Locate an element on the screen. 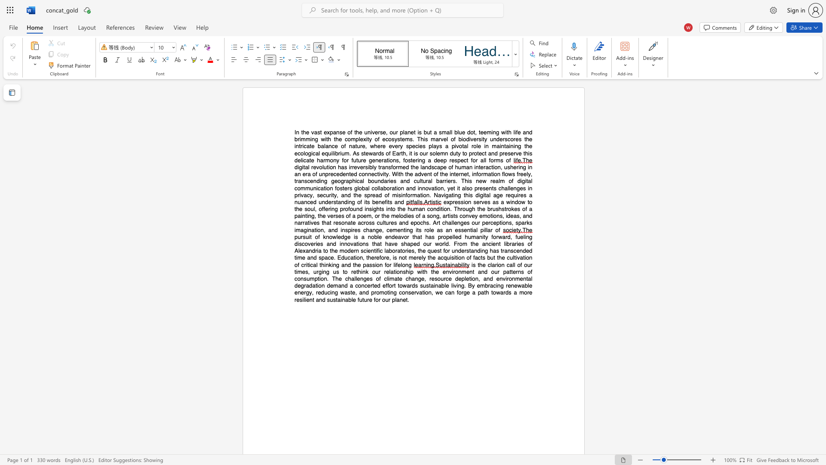 The height and width of the screenshot is (465, 826). the subset text "knowledge is a noble endeavor that has propelled humanity forward, fueling" within the text "pursuit of knowledge is a noble endeavor that has propelled humanity forward, fueling discoveries and innovations that have shaped our world. From the ancient libraries of Alexandria to the modern scientific laboratories, the quest for understanding has transcended time and space. Education, therefore, is not merely the acquisition of facts but the cultivation of critical thinking and the passion for lifelong" is located at coordinates (323, 237).